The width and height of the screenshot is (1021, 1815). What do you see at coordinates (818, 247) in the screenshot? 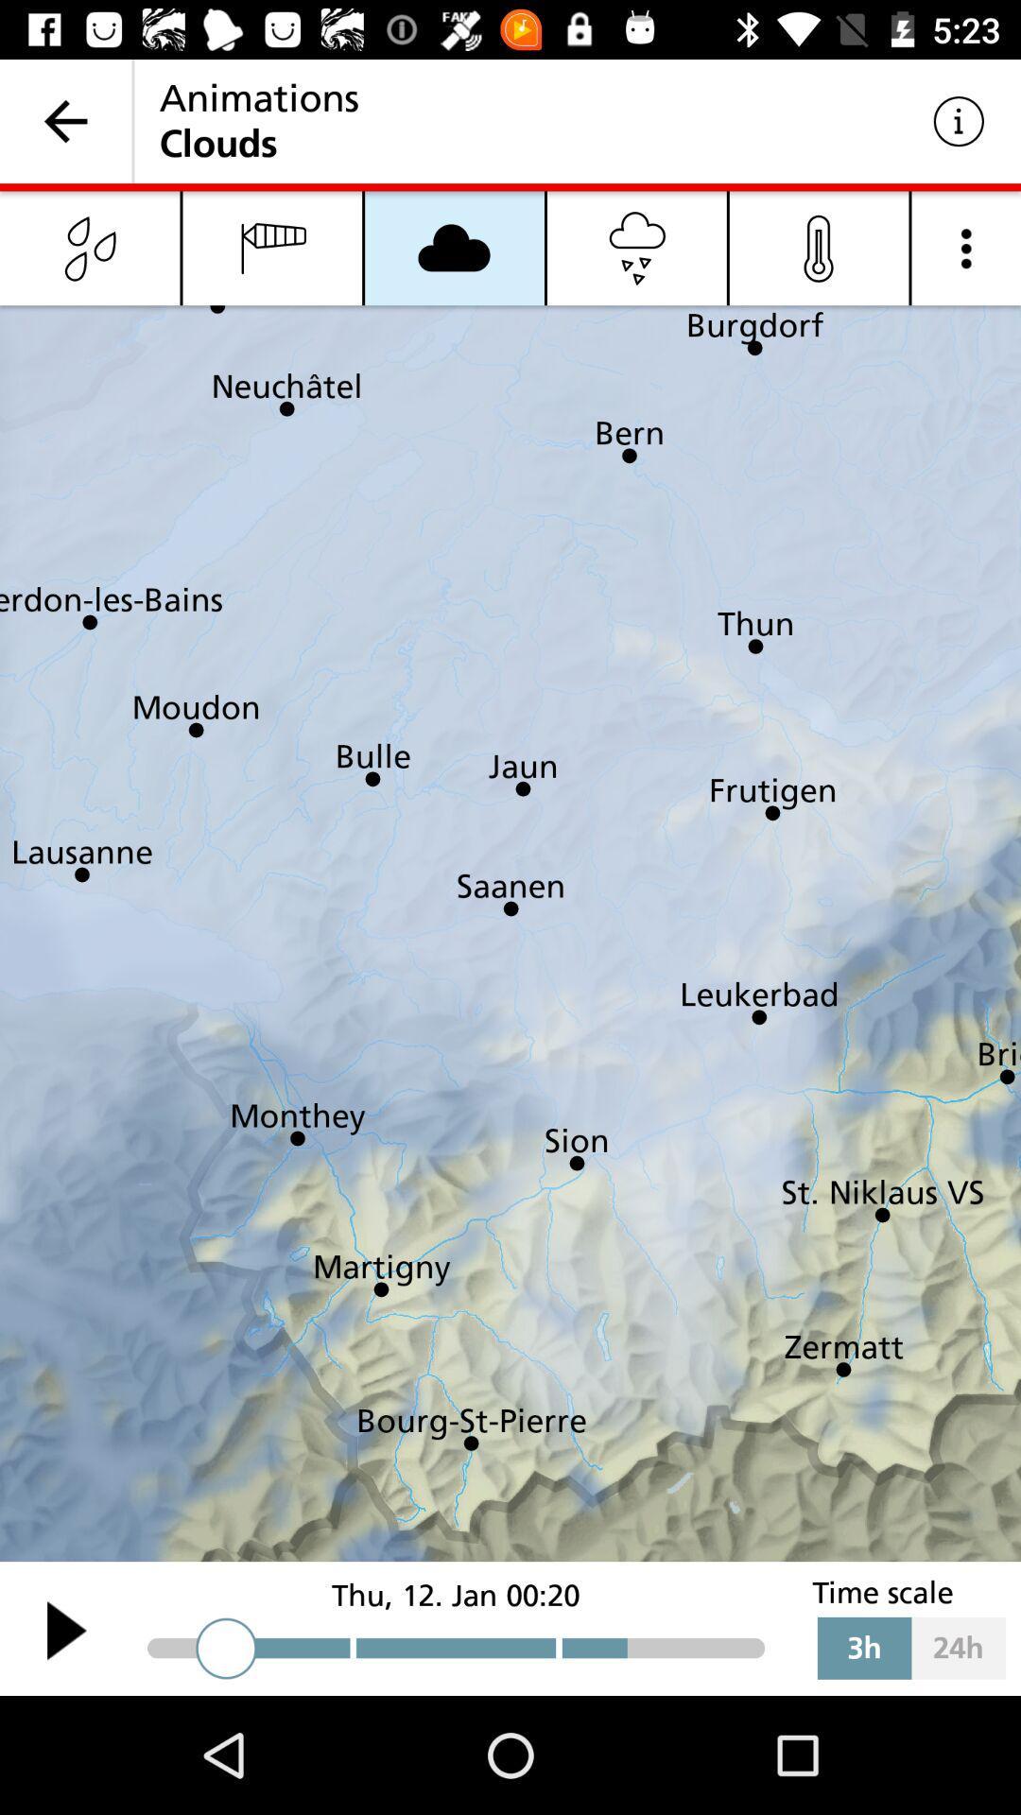
I see `the info icon` at bounding box center [818, 247].